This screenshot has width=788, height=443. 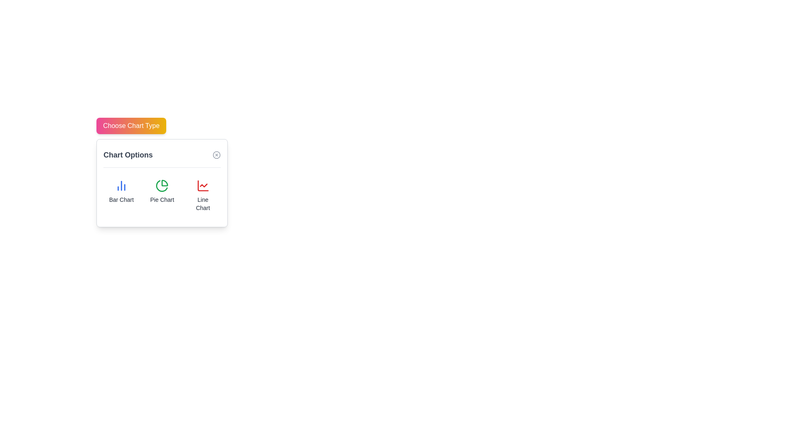 I want to click on the Pie Chart selection button located in the Chart Options card, so click(x=162, y=196).